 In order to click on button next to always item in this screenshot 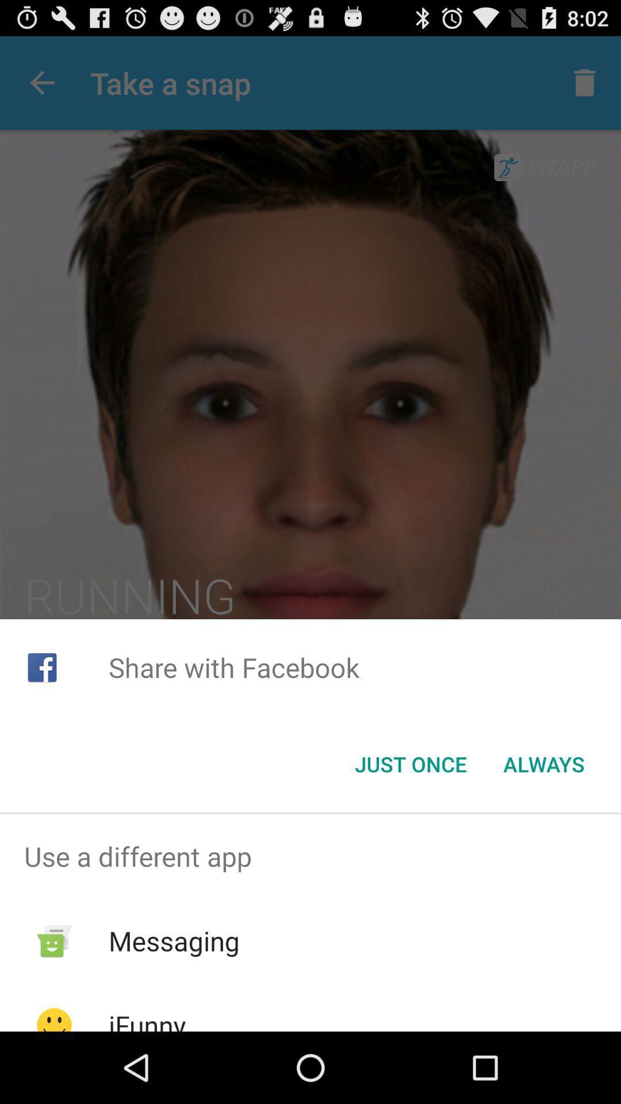, I will do `click(410, 764)`.